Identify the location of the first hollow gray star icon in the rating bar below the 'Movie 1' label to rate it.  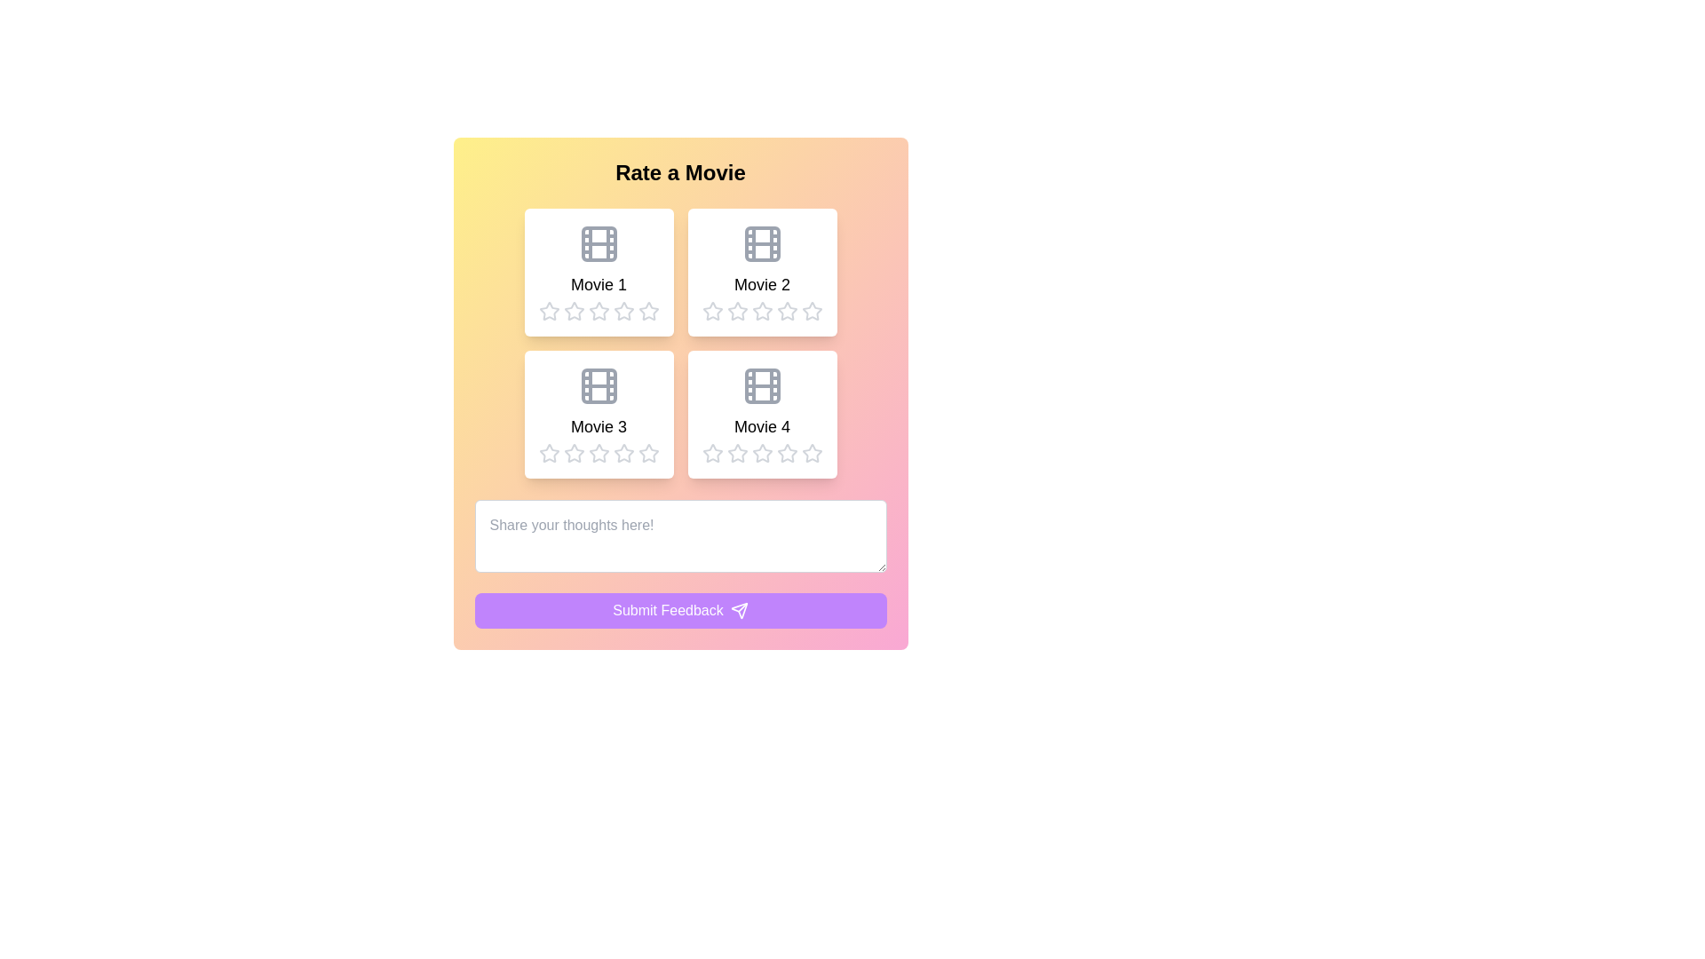
(574, 310).